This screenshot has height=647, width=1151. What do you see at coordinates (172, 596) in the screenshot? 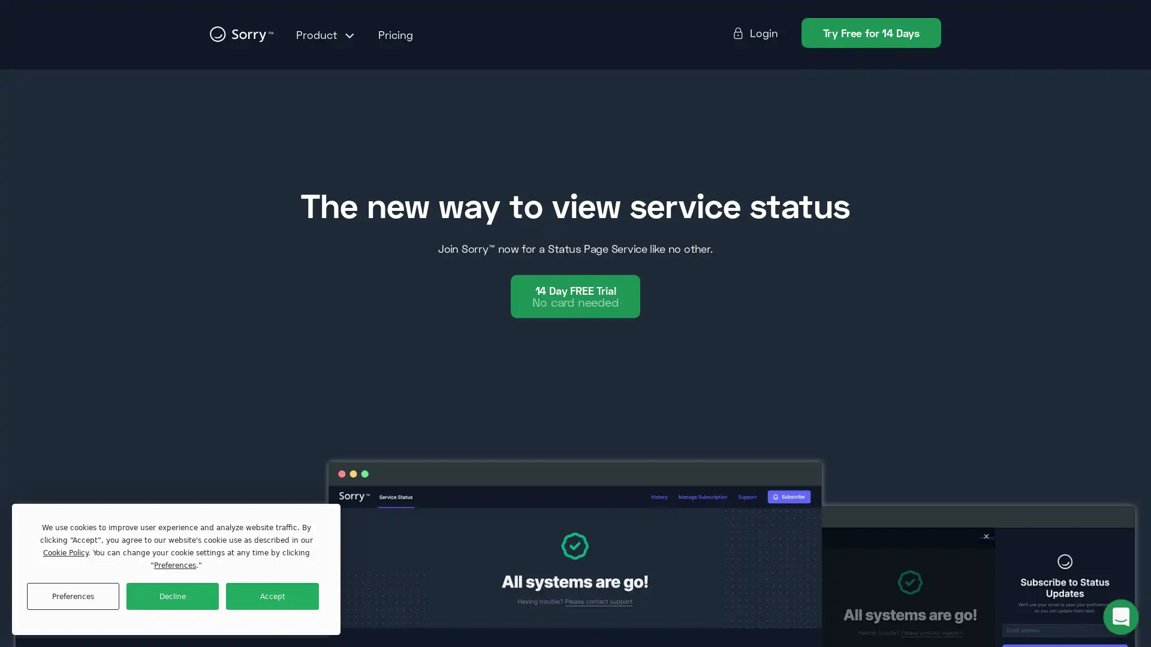
I see `Decline` at bounding box center [172, 596].